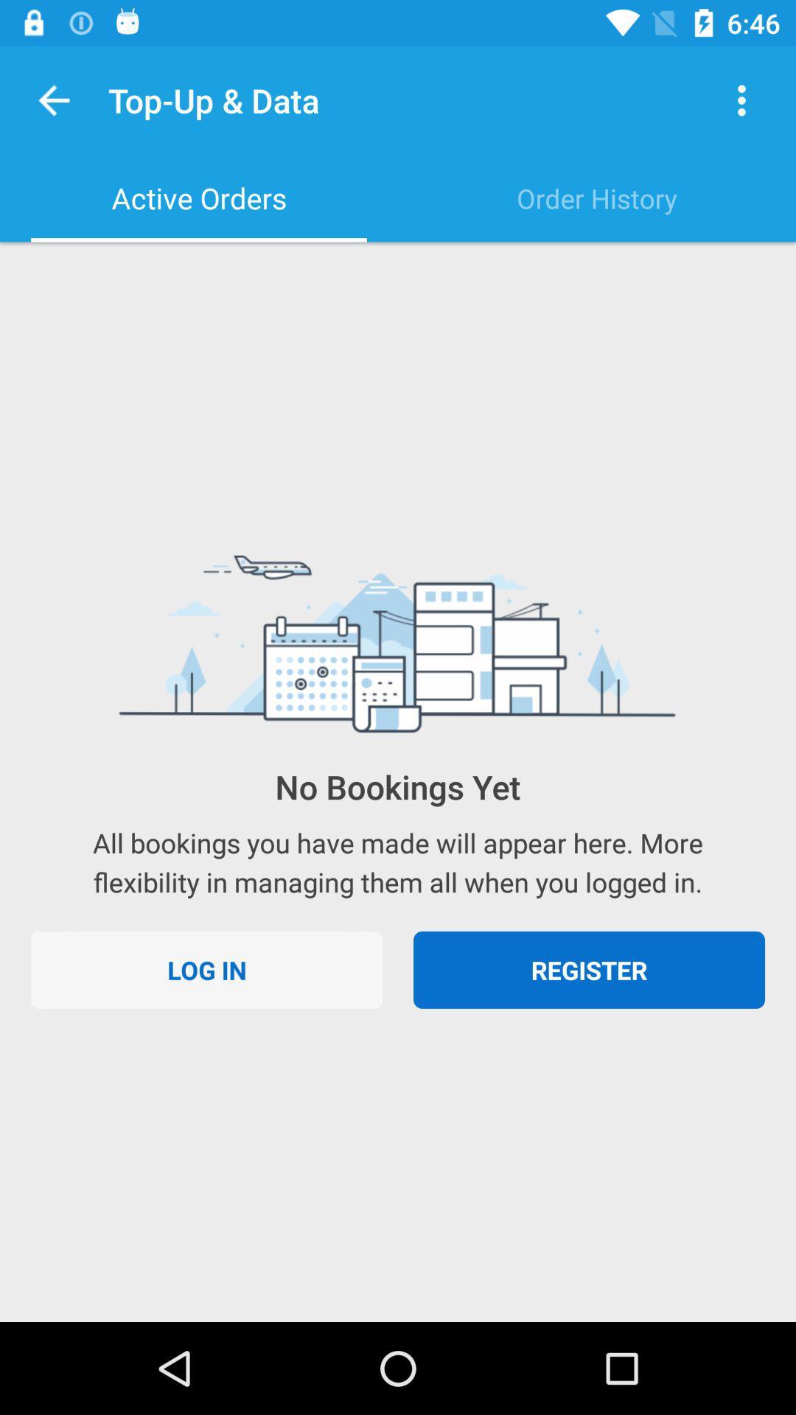 The width and height of the screenshot is (796, 1415). Describe the element at coordinates (741, 99) in the screenshot. I see `the icon to the right of the top-up & data item` at that location.